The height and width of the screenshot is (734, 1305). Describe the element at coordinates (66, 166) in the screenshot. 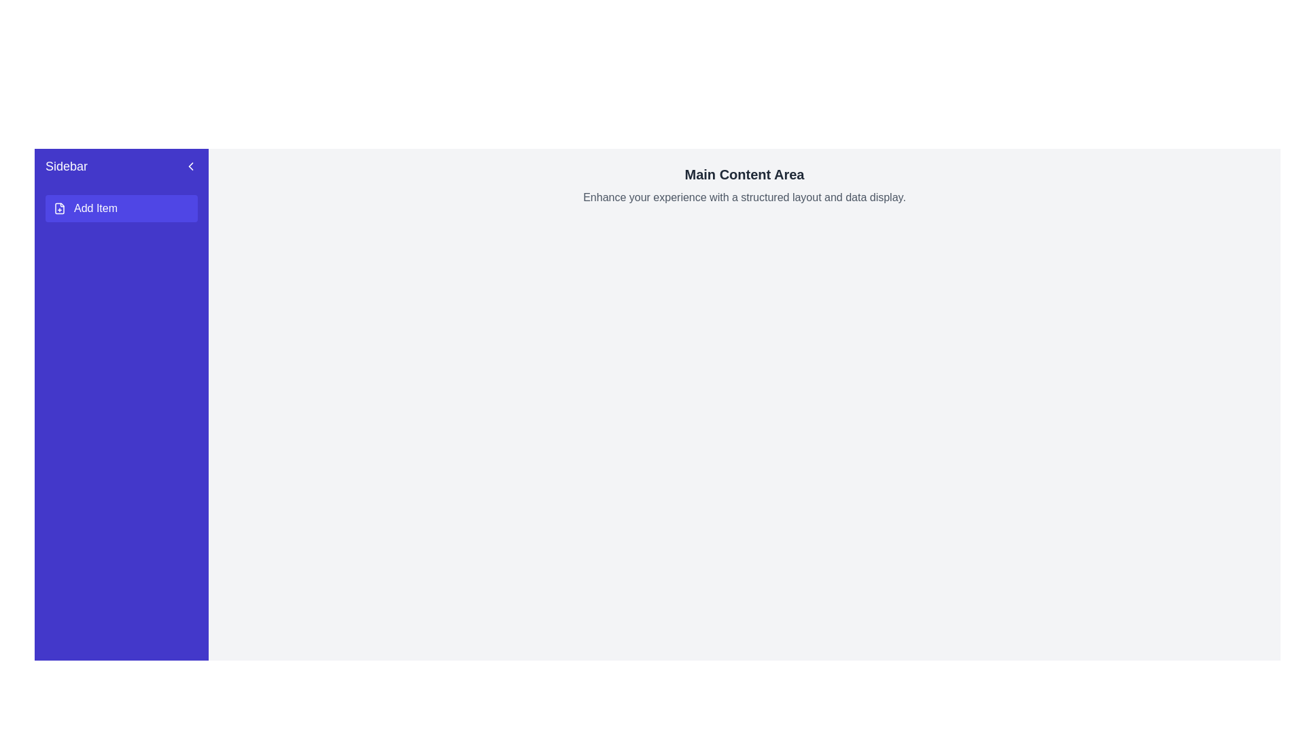

I see `text content of the 'Sidebar' header, which is displayed in a bold, prominent style within the blue sidebar section` at that location.